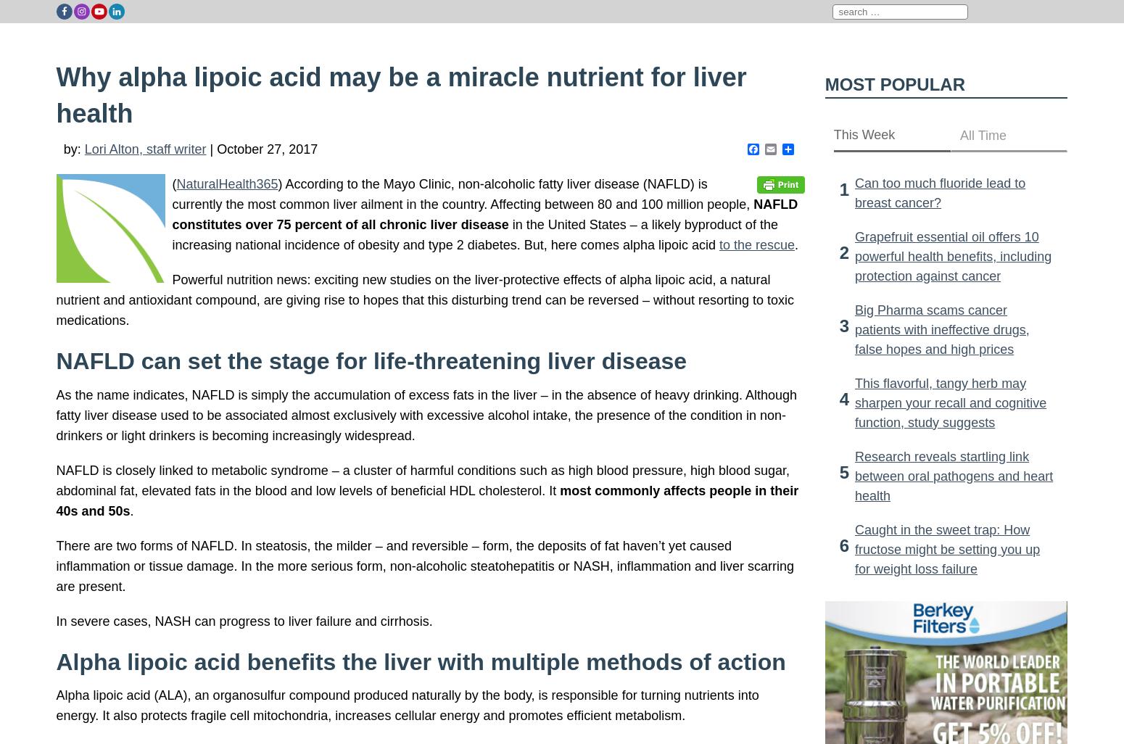 This screenshot has width=1124, height=744. Describe the element at coordinates (958, 36) in the screenshot. I see `'Podcasts'` at that location.